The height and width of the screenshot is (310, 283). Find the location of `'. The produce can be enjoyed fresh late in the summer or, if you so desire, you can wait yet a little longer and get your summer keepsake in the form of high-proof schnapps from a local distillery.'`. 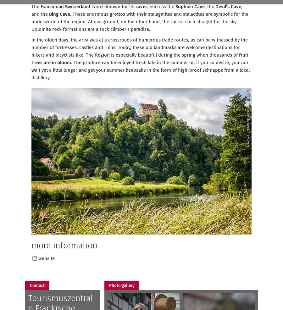

'. The produce can be enjoyed fresh late in the summer or, if you so desire, you can wait yet a little longer and get your summer keepsake in the form of high-proof schnapps from a local distillery.' is located at coordinates (31, 70).